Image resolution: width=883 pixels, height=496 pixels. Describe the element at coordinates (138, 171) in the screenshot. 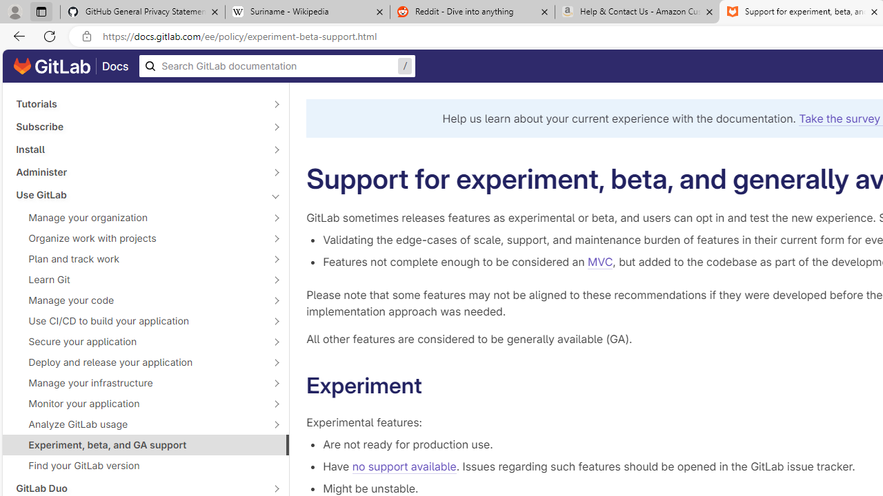

I see `'Administer'` at that location.